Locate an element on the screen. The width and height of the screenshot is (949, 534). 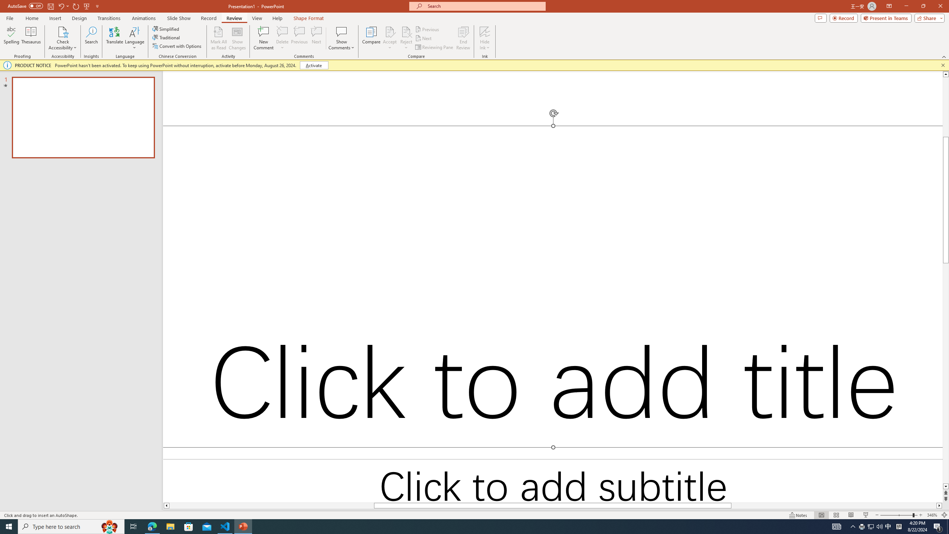
'Traditional' is located at coordinates (166, 37).